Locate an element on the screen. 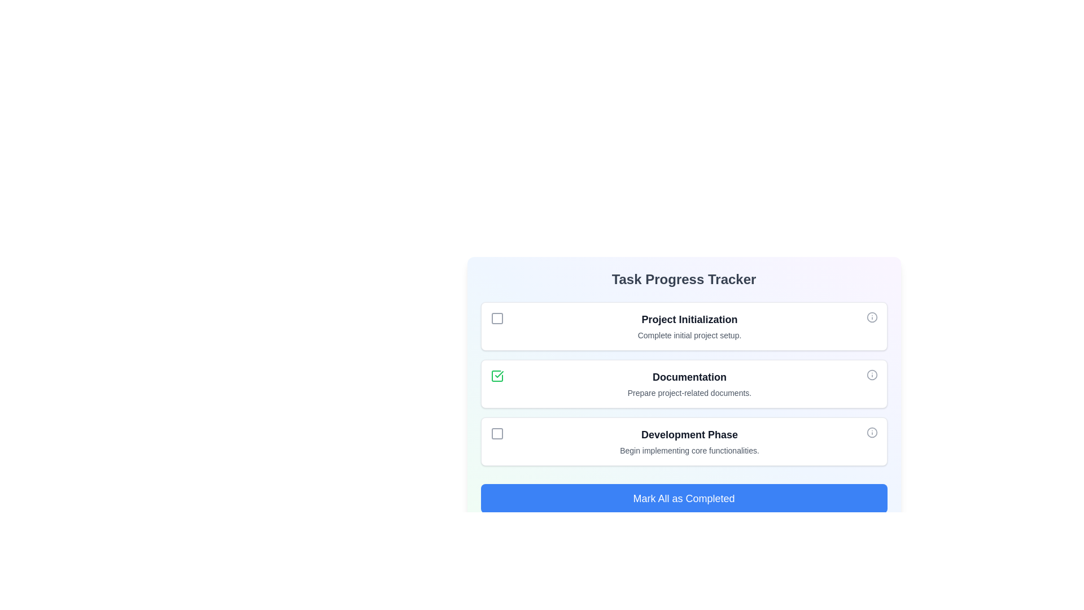  the informational icon located within the rightmost section of the 'Documentation' task in the 'Task Progress Tracker' interface is located at coordinates (871, 374).